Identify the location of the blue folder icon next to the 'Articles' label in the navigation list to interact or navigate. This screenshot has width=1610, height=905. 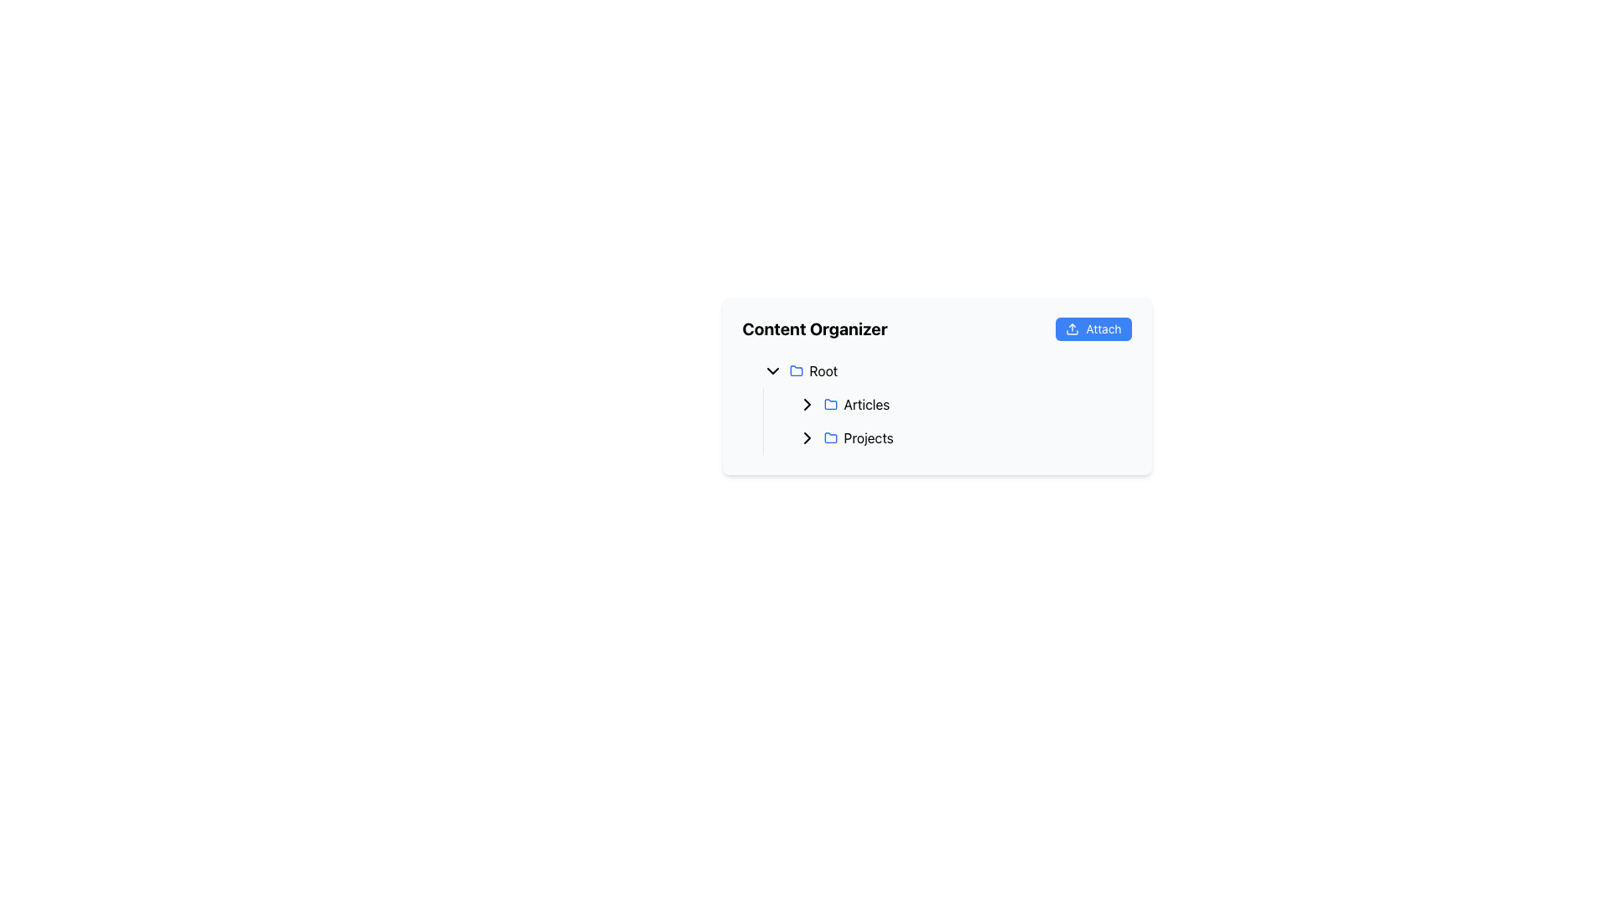
(830, 404).